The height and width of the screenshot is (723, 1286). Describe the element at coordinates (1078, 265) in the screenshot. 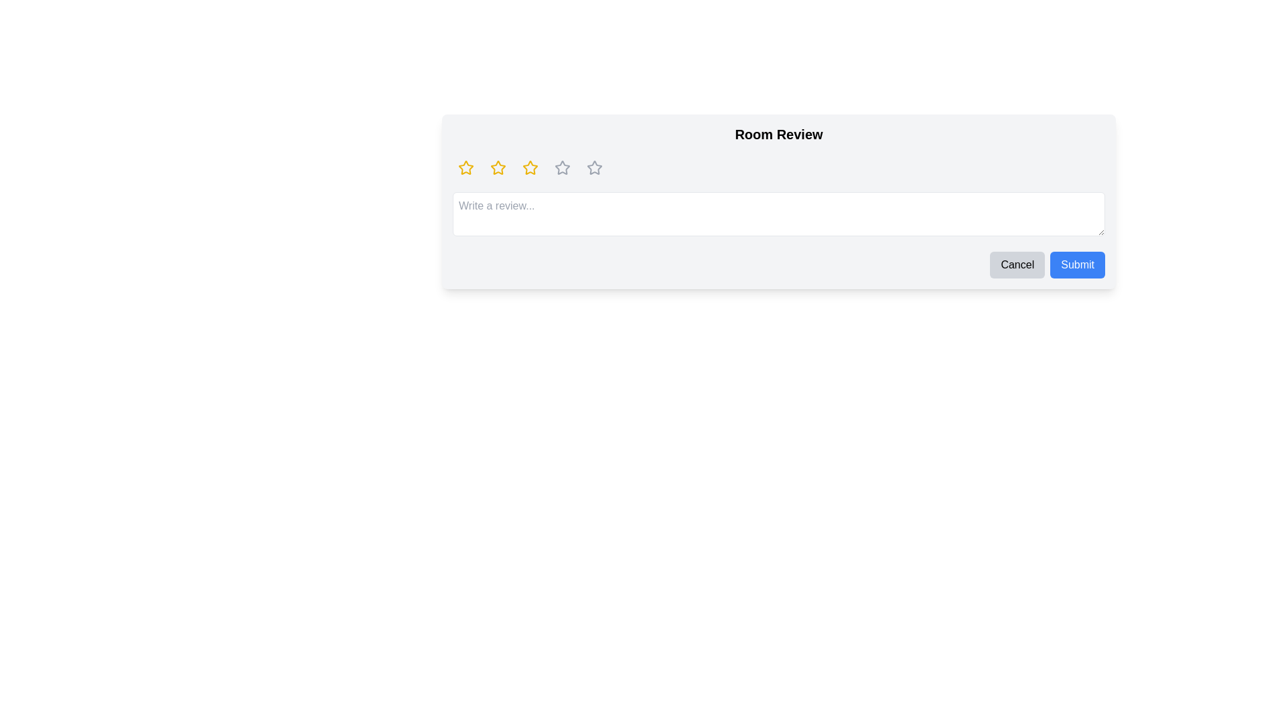

I see `the submit button located to the right of the gray 'Cancel' button to observe the hover effect` at that location.